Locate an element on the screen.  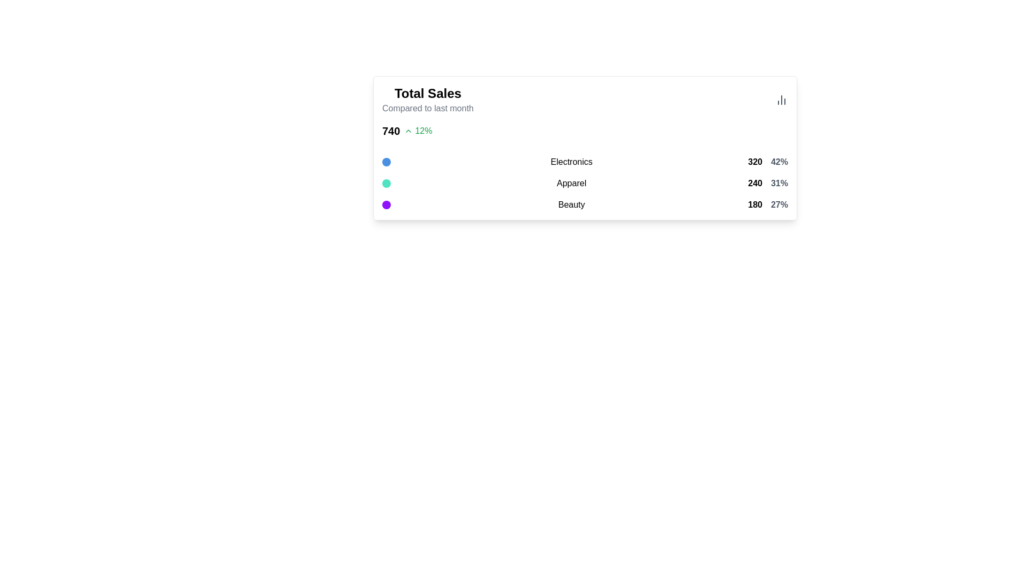
the numerical value associated with the category labeled 'Beauty', which is centrally aligned in a horizontal list between the text 'Beauty' and '27%' is located at coordinates (754, 204).